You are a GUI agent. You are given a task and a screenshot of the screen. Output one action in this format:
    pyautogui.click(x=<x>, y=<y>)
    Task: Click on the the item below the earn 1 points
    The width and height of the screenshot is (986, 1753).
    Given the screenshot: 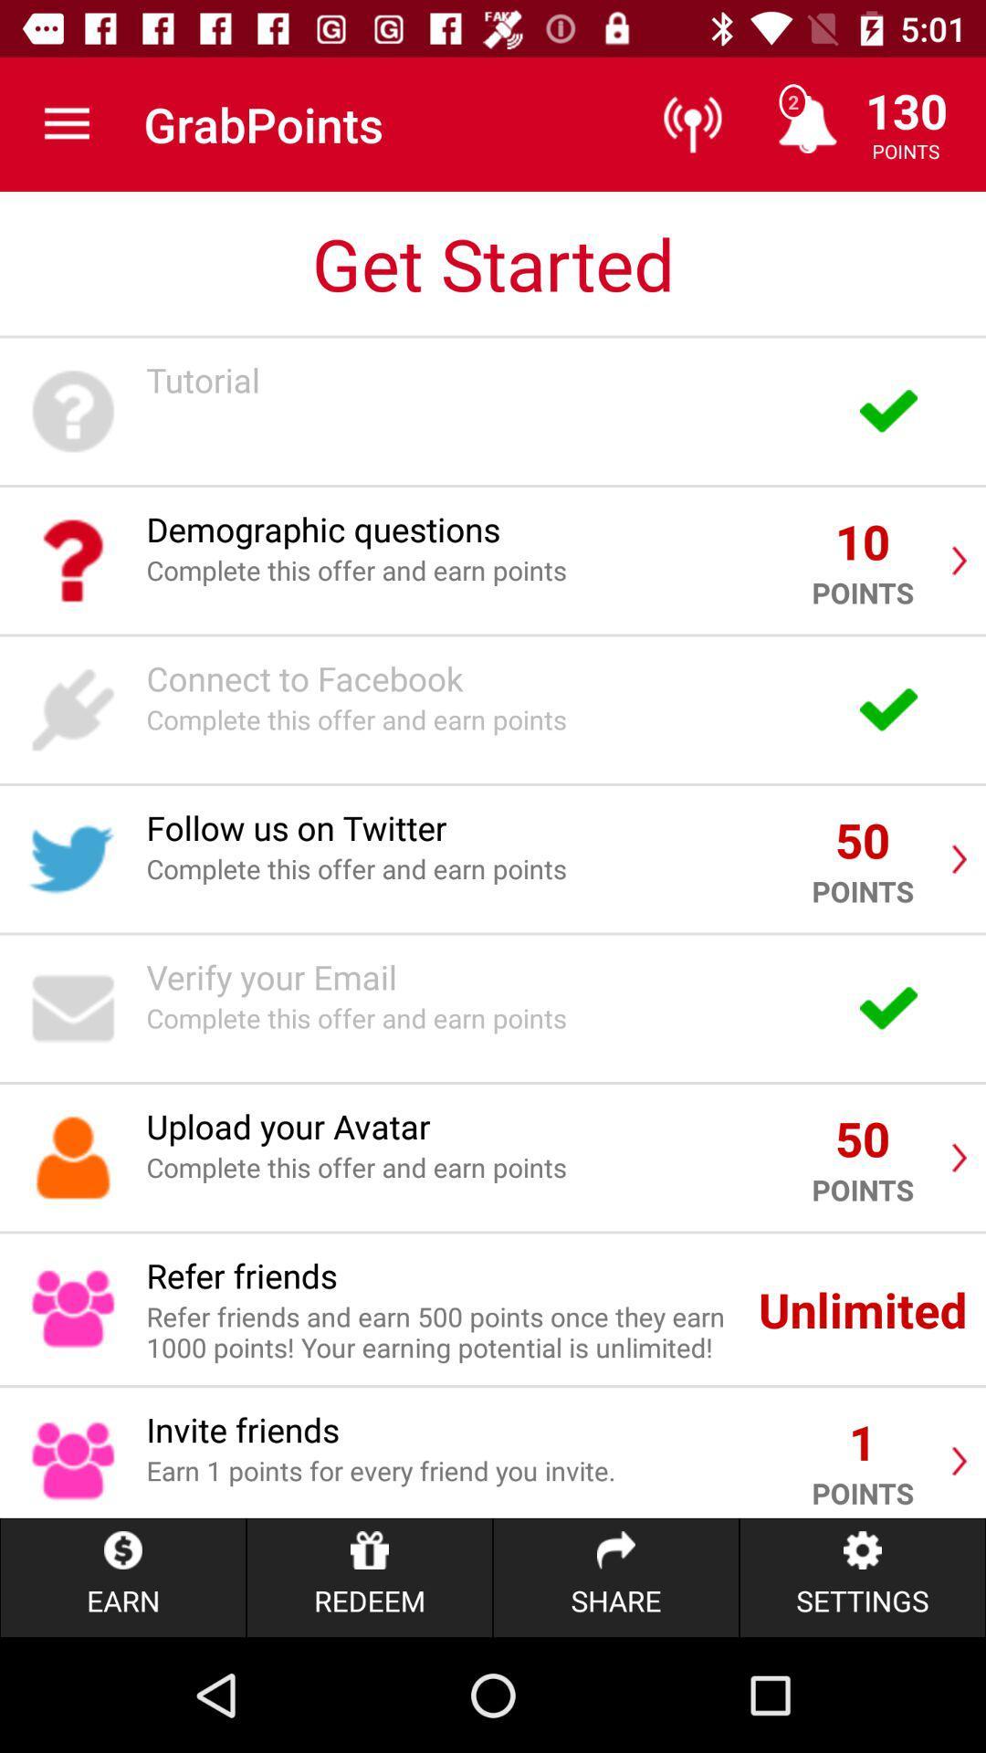 What is the action you would take?
    pyautogui.click(x=616, y=1577)
    